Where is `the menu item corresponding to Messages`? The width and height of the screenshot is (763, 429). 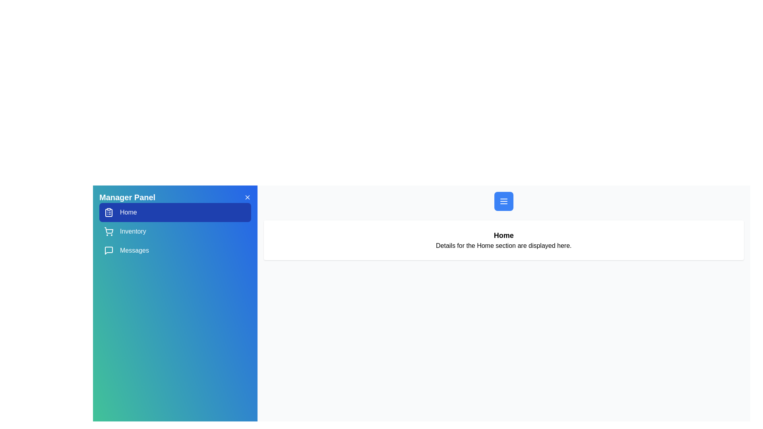 the menu item corresponding to Messages is located at coordinates (174, 251).